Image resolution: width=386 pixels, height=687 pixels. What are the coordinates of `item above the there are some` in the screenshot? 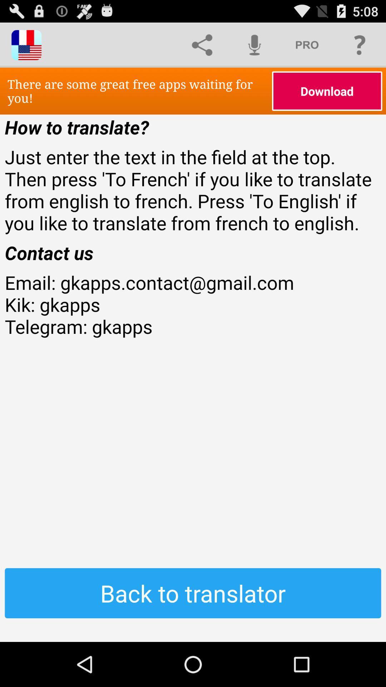 It's located at (202, 44).